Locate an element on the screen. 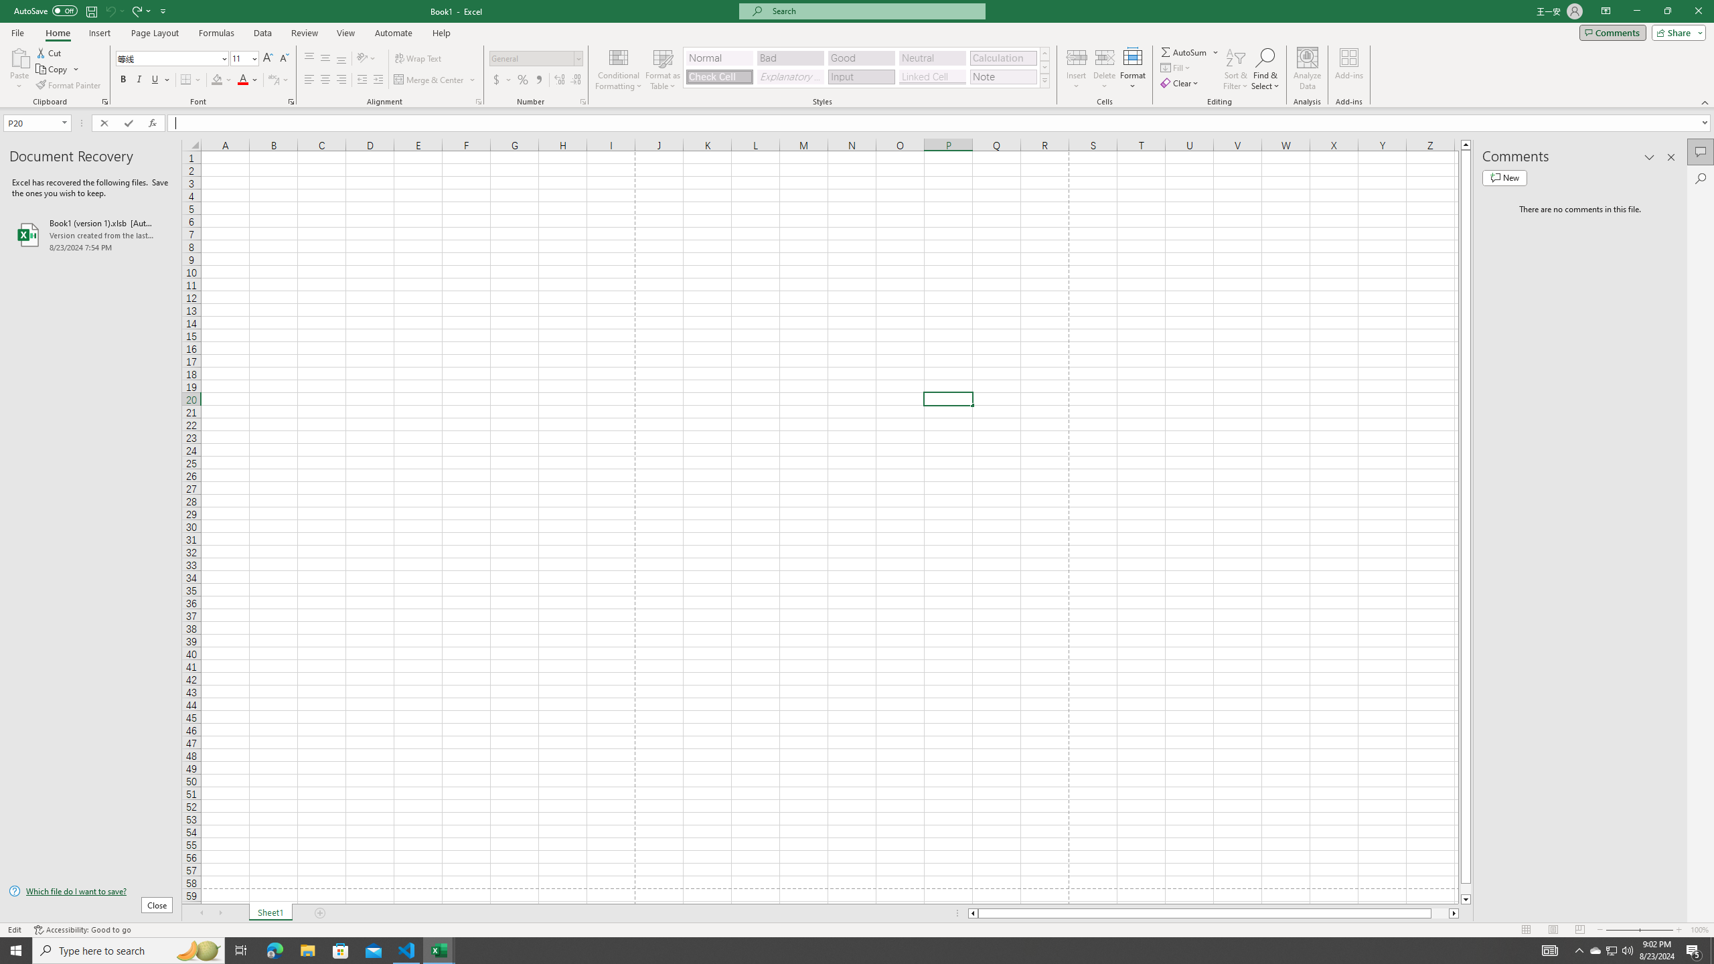 This screenshot has width=1714, height=964. 'Calculation' is located at coordinates (1002, 58).